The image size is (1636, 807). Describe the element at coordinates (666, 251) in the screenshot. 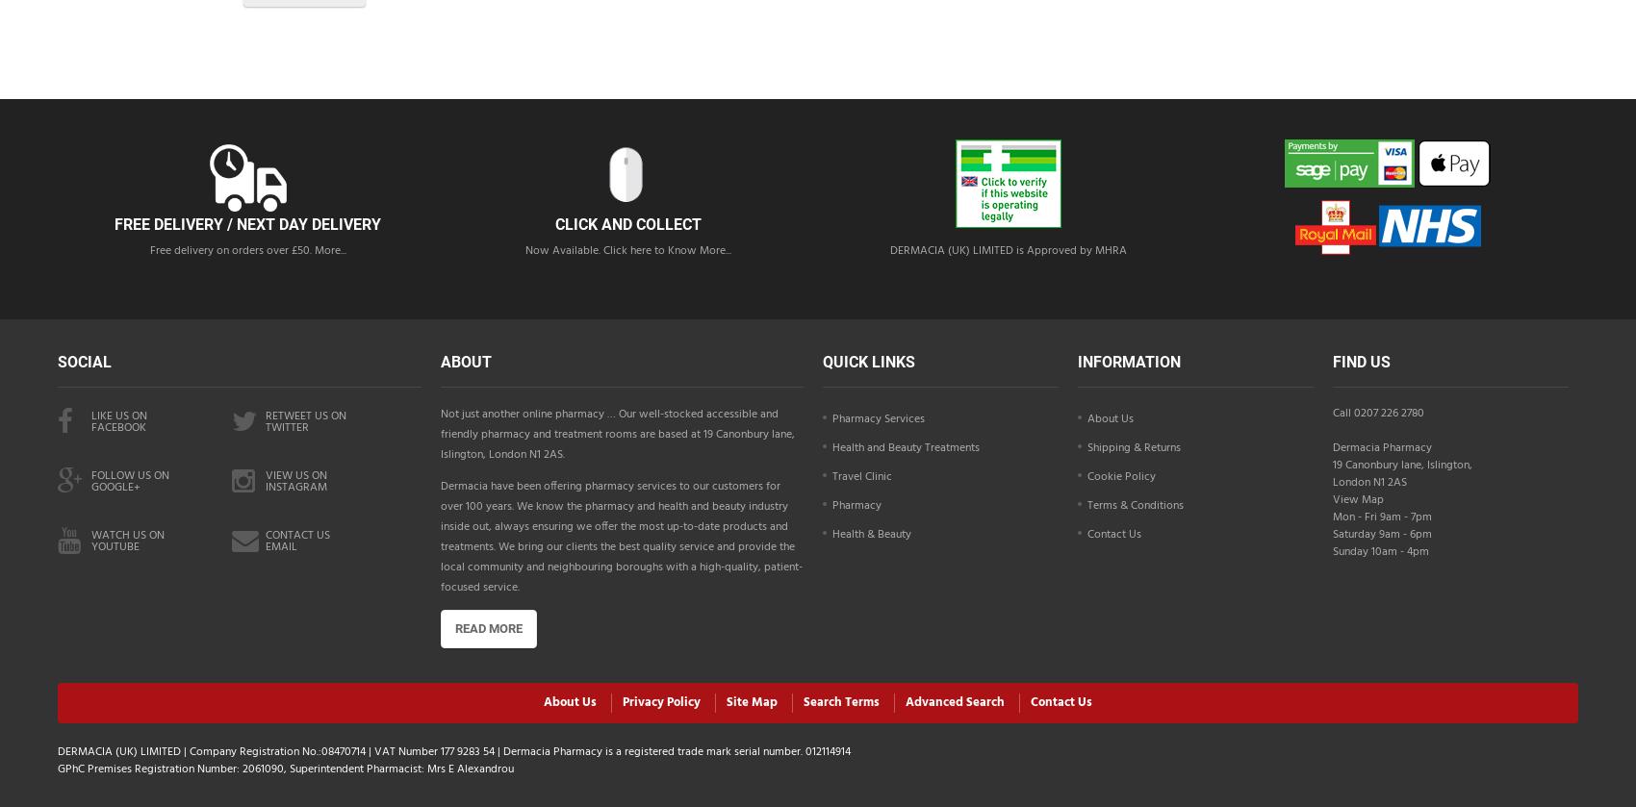

I see `'Click here to Know More...'` at that location.